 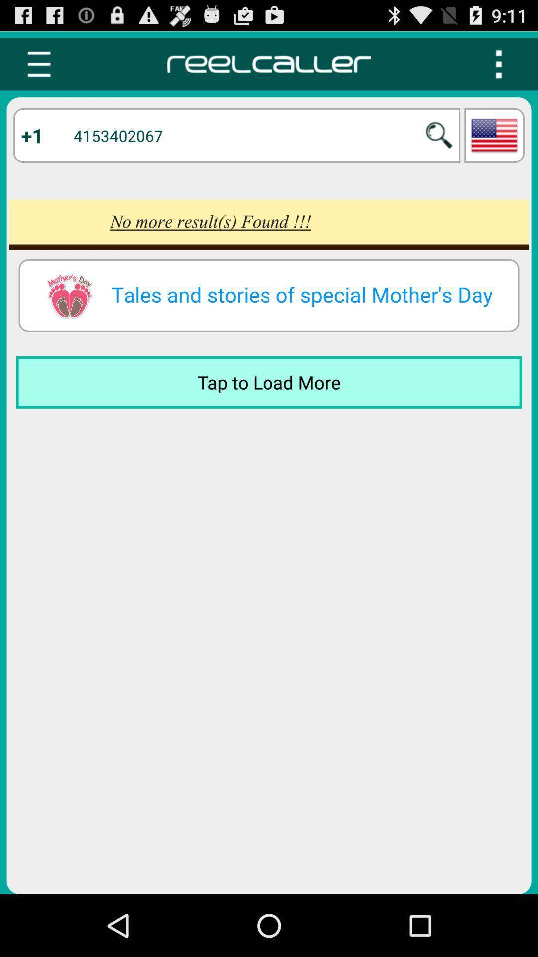 What do you see at coordinates (494, 144) in the screenshot?
I see `the national_flag icon` at bounding box center [494, 144].